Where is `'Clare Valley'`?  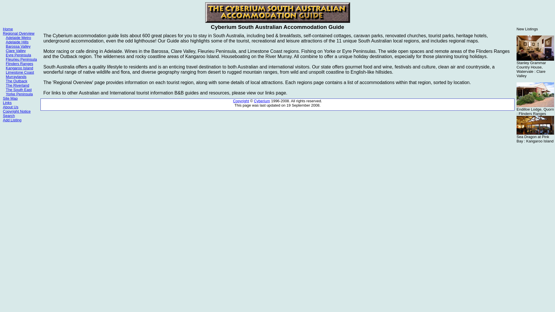 'Clare Valley' is located at coordinates (16, 50).